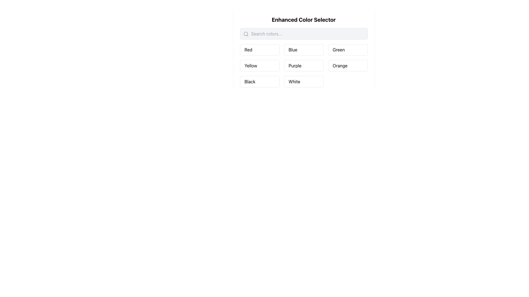  What do you see at coordinates (303, 20) in the screenshot?
I see `the 'Enhanced Color Selector' text label which is bold and large, centered at the top of the panel` at bounding box center [303, 20].